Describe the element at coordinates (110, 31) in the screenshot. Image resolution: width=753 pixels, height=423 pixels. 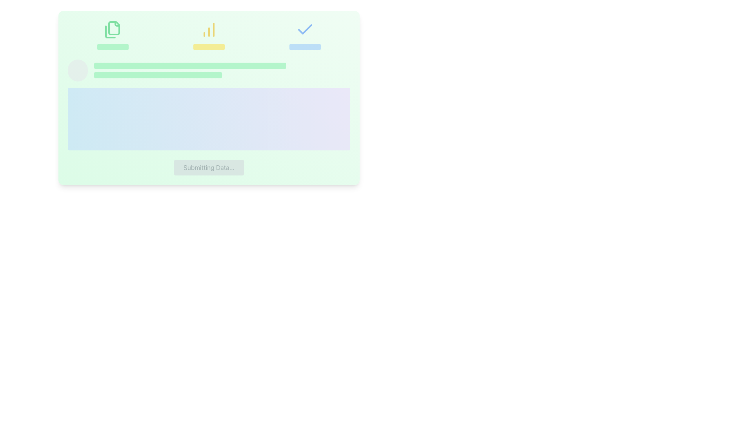
I see `the third segment of the SVG icon representing stacked document icons, which has a green outline and rounded corners` at that location.